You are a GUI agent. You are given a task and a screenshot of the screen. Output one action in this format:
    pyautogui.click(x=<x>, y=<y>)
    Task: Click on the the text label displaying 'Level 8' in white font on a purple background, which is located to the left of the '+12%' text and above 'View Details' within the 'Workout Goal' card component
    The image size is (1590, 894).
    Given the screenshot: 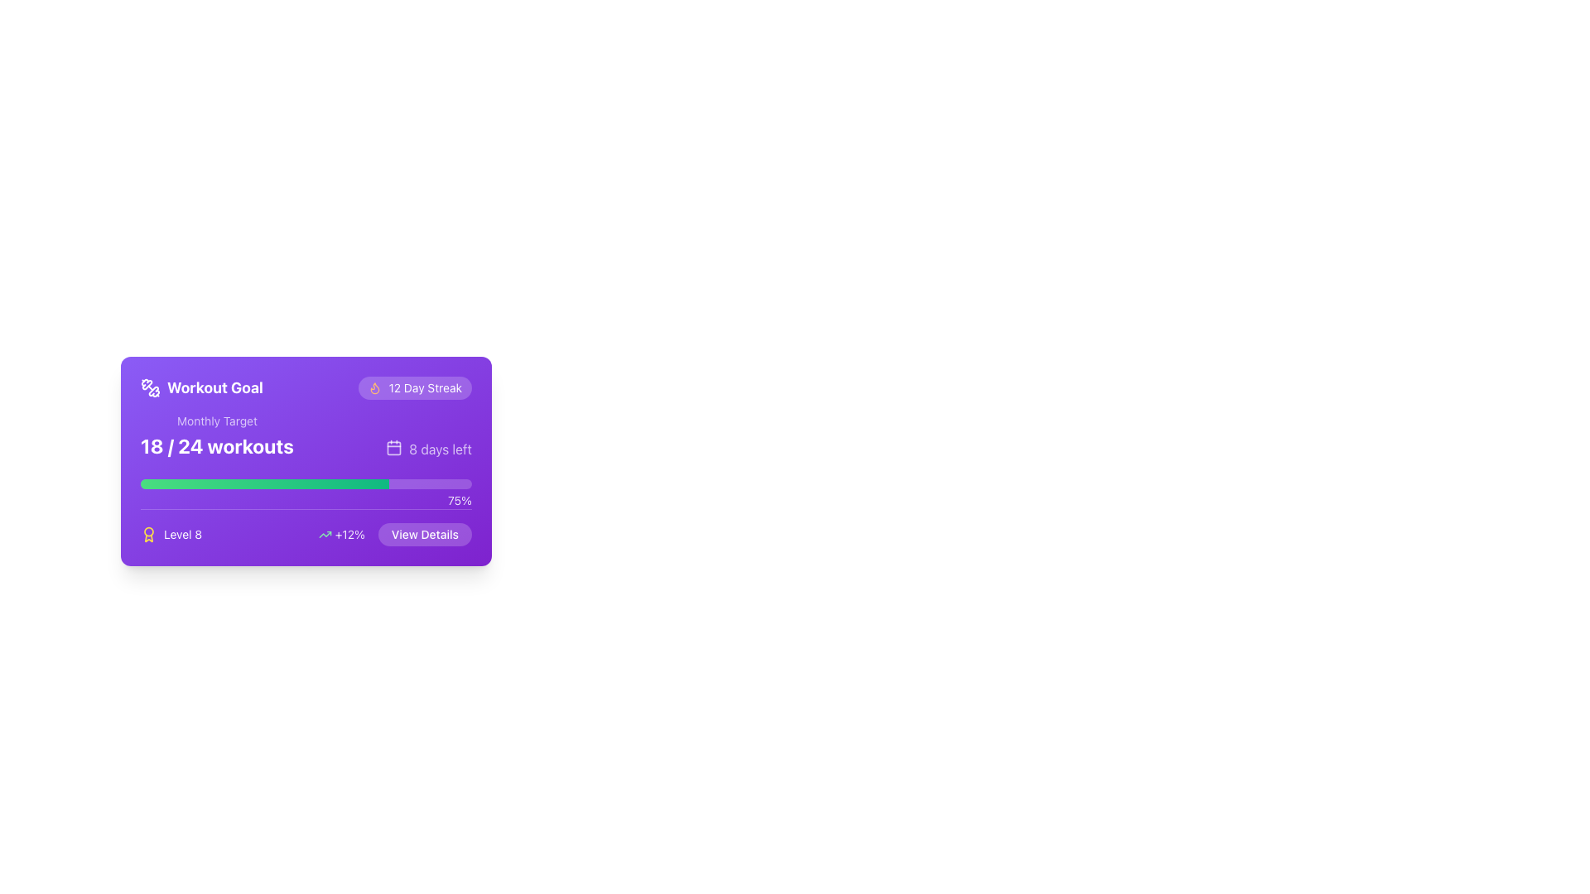 What is the action you would take?
    pyautogui.click(x=171, y=534)
    